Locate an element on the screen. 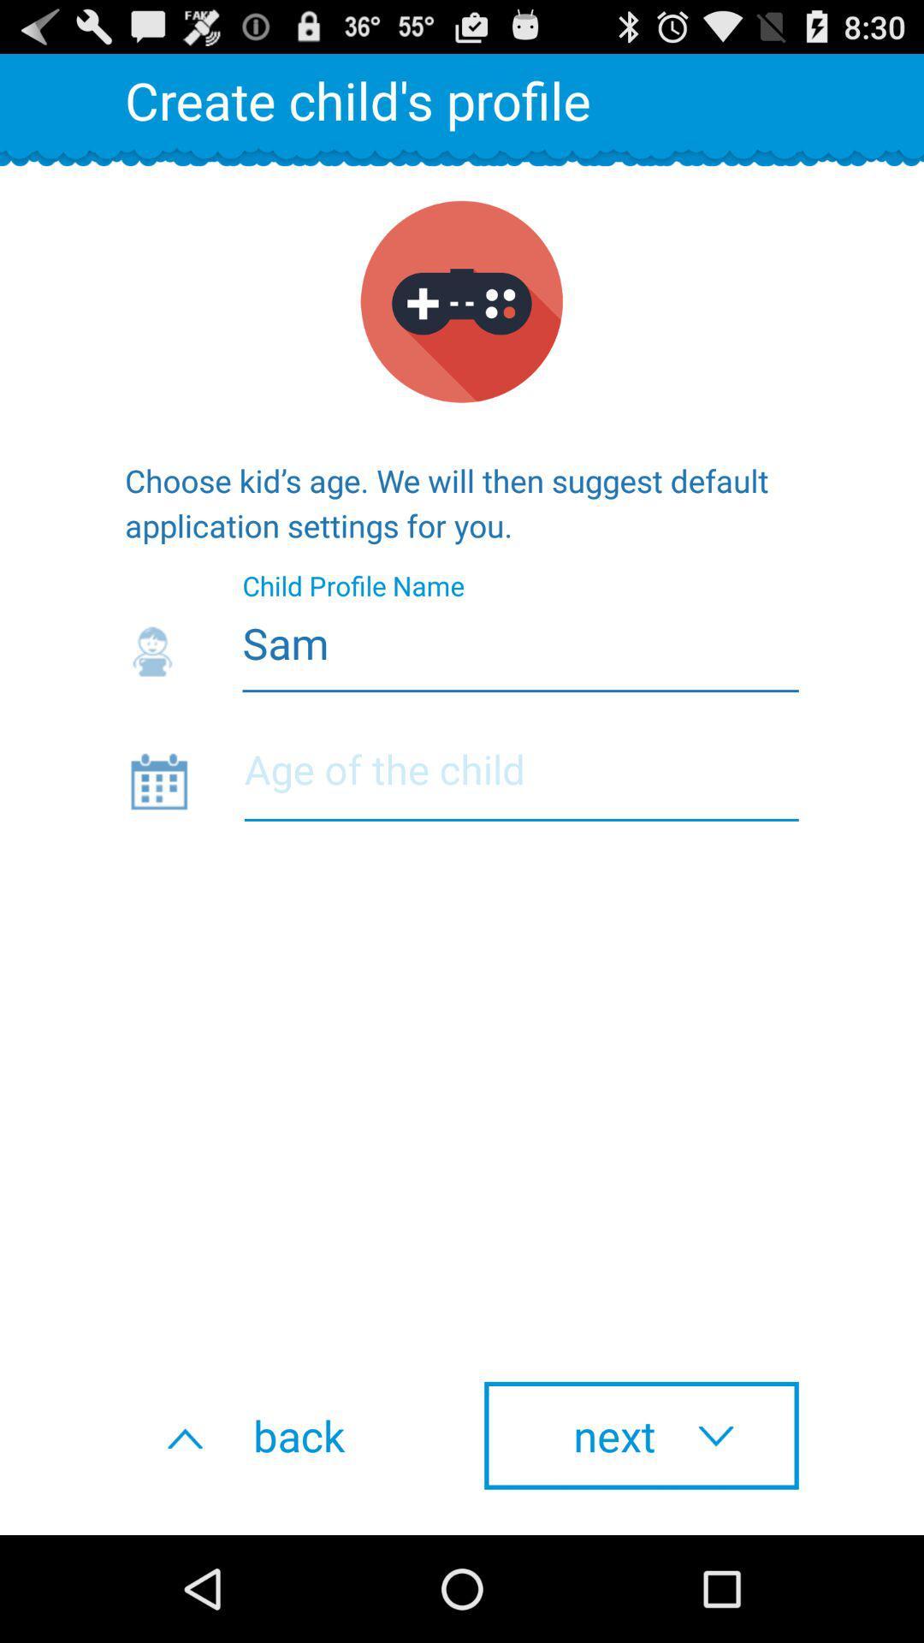 Image resolution: width=924 pixels, height=1643 pixels. the icon at the bottom right corner is located at coordinates (641, 1435).